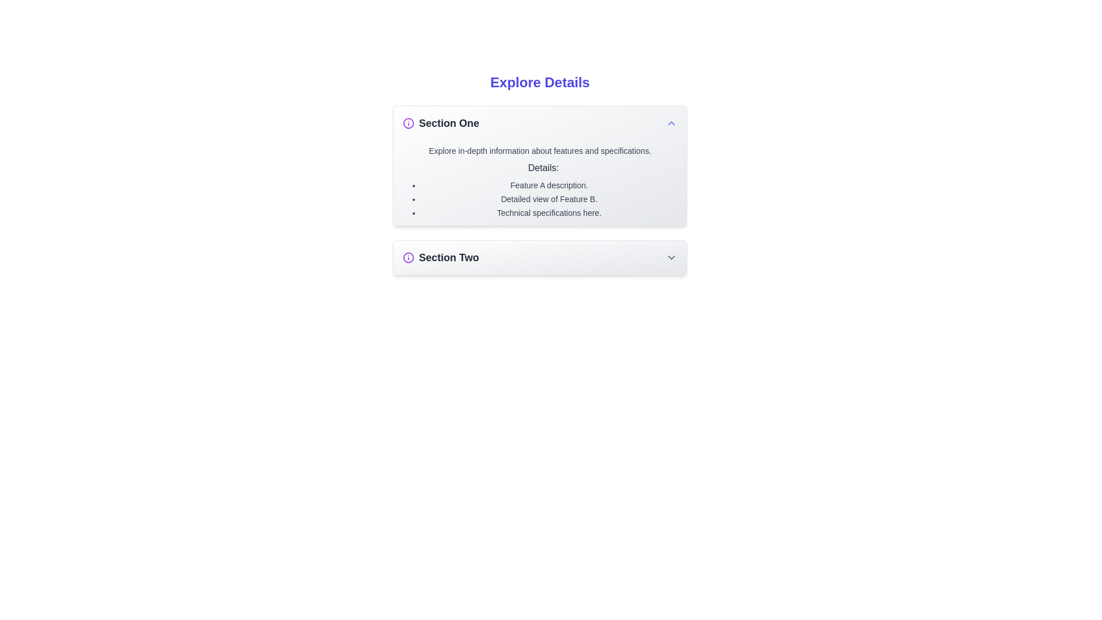  What do you see at coordinates (408, 123) in the screenshot?
I see `the circular informational icon with a purple color, located at the leftmost side of the header for 'Section One'` at bounding box center [408, 123].